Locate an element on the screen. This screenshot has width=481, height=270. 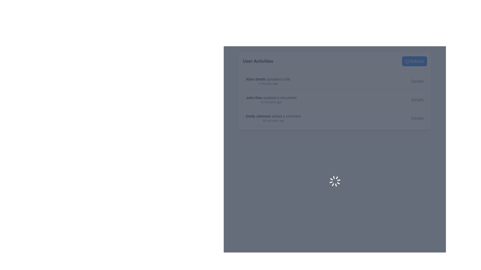
the circular refresh icon with arrows forming a loop, located within the blue 'Refresh' button at the top-right of the displayed panel is located at coordinates (407, 61).